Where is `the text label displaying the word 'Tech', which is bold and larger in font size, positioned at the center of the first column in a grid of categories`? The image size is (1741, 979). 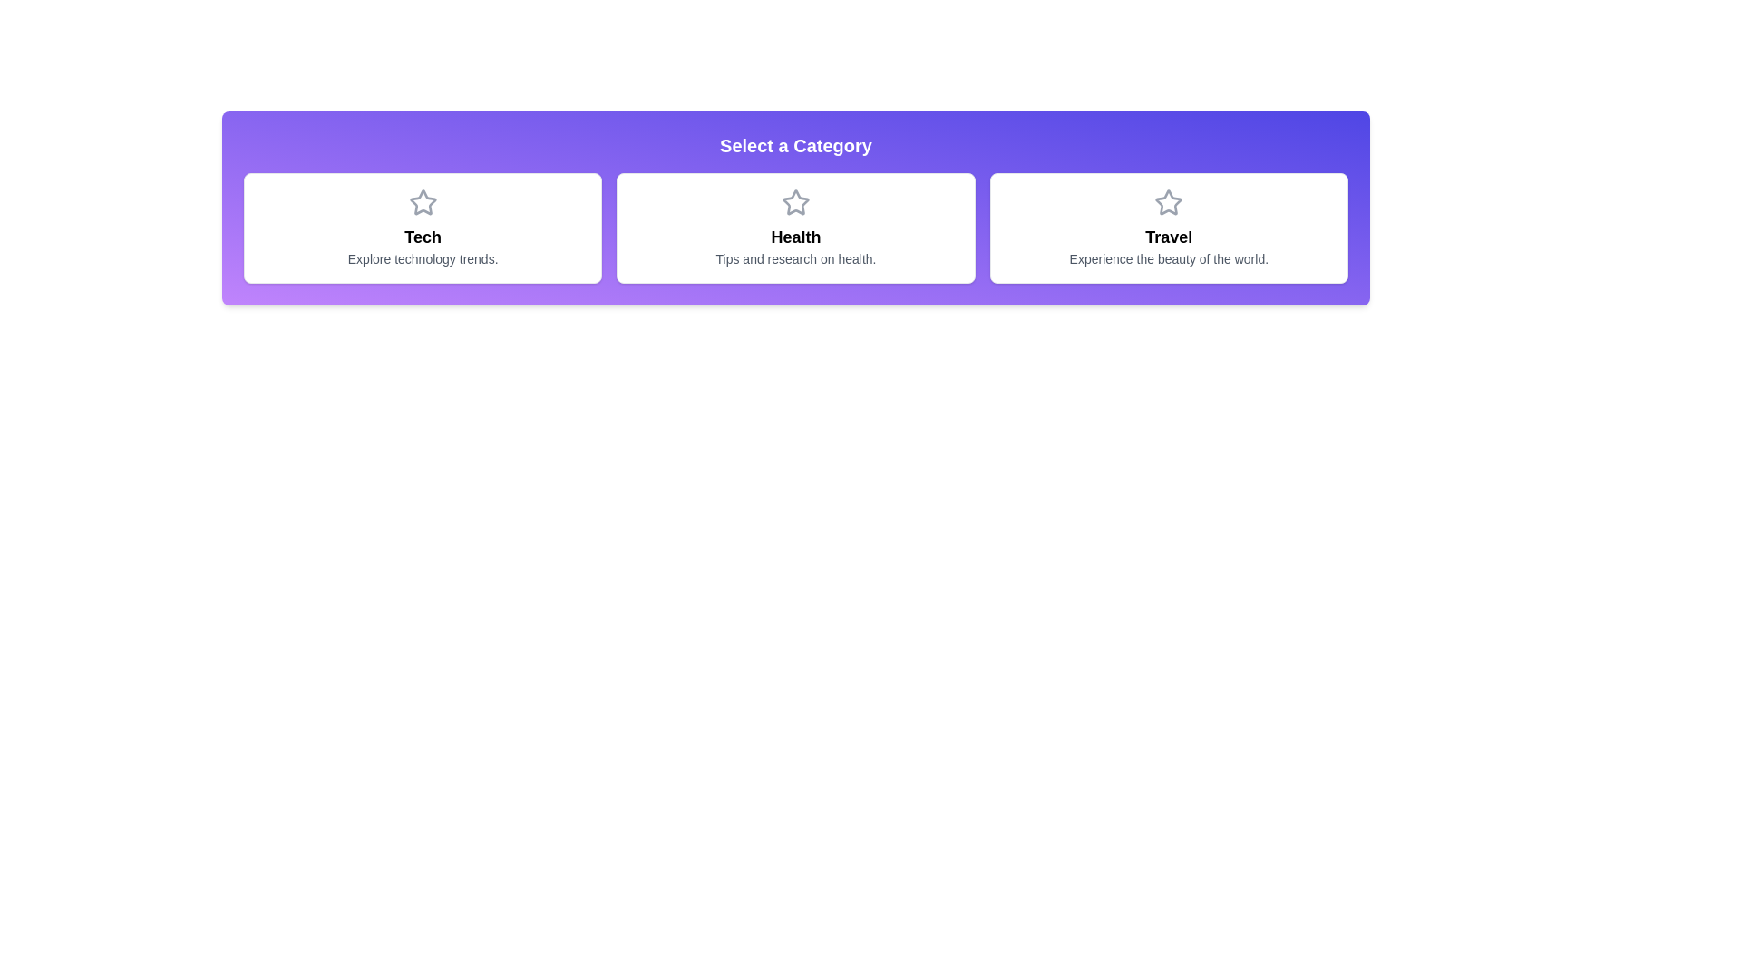
the text label displaying the word 'Tech', which is bold and larger in font size, positioned at the center of the first column in a grid of categories is located at coordinates (422, 237).